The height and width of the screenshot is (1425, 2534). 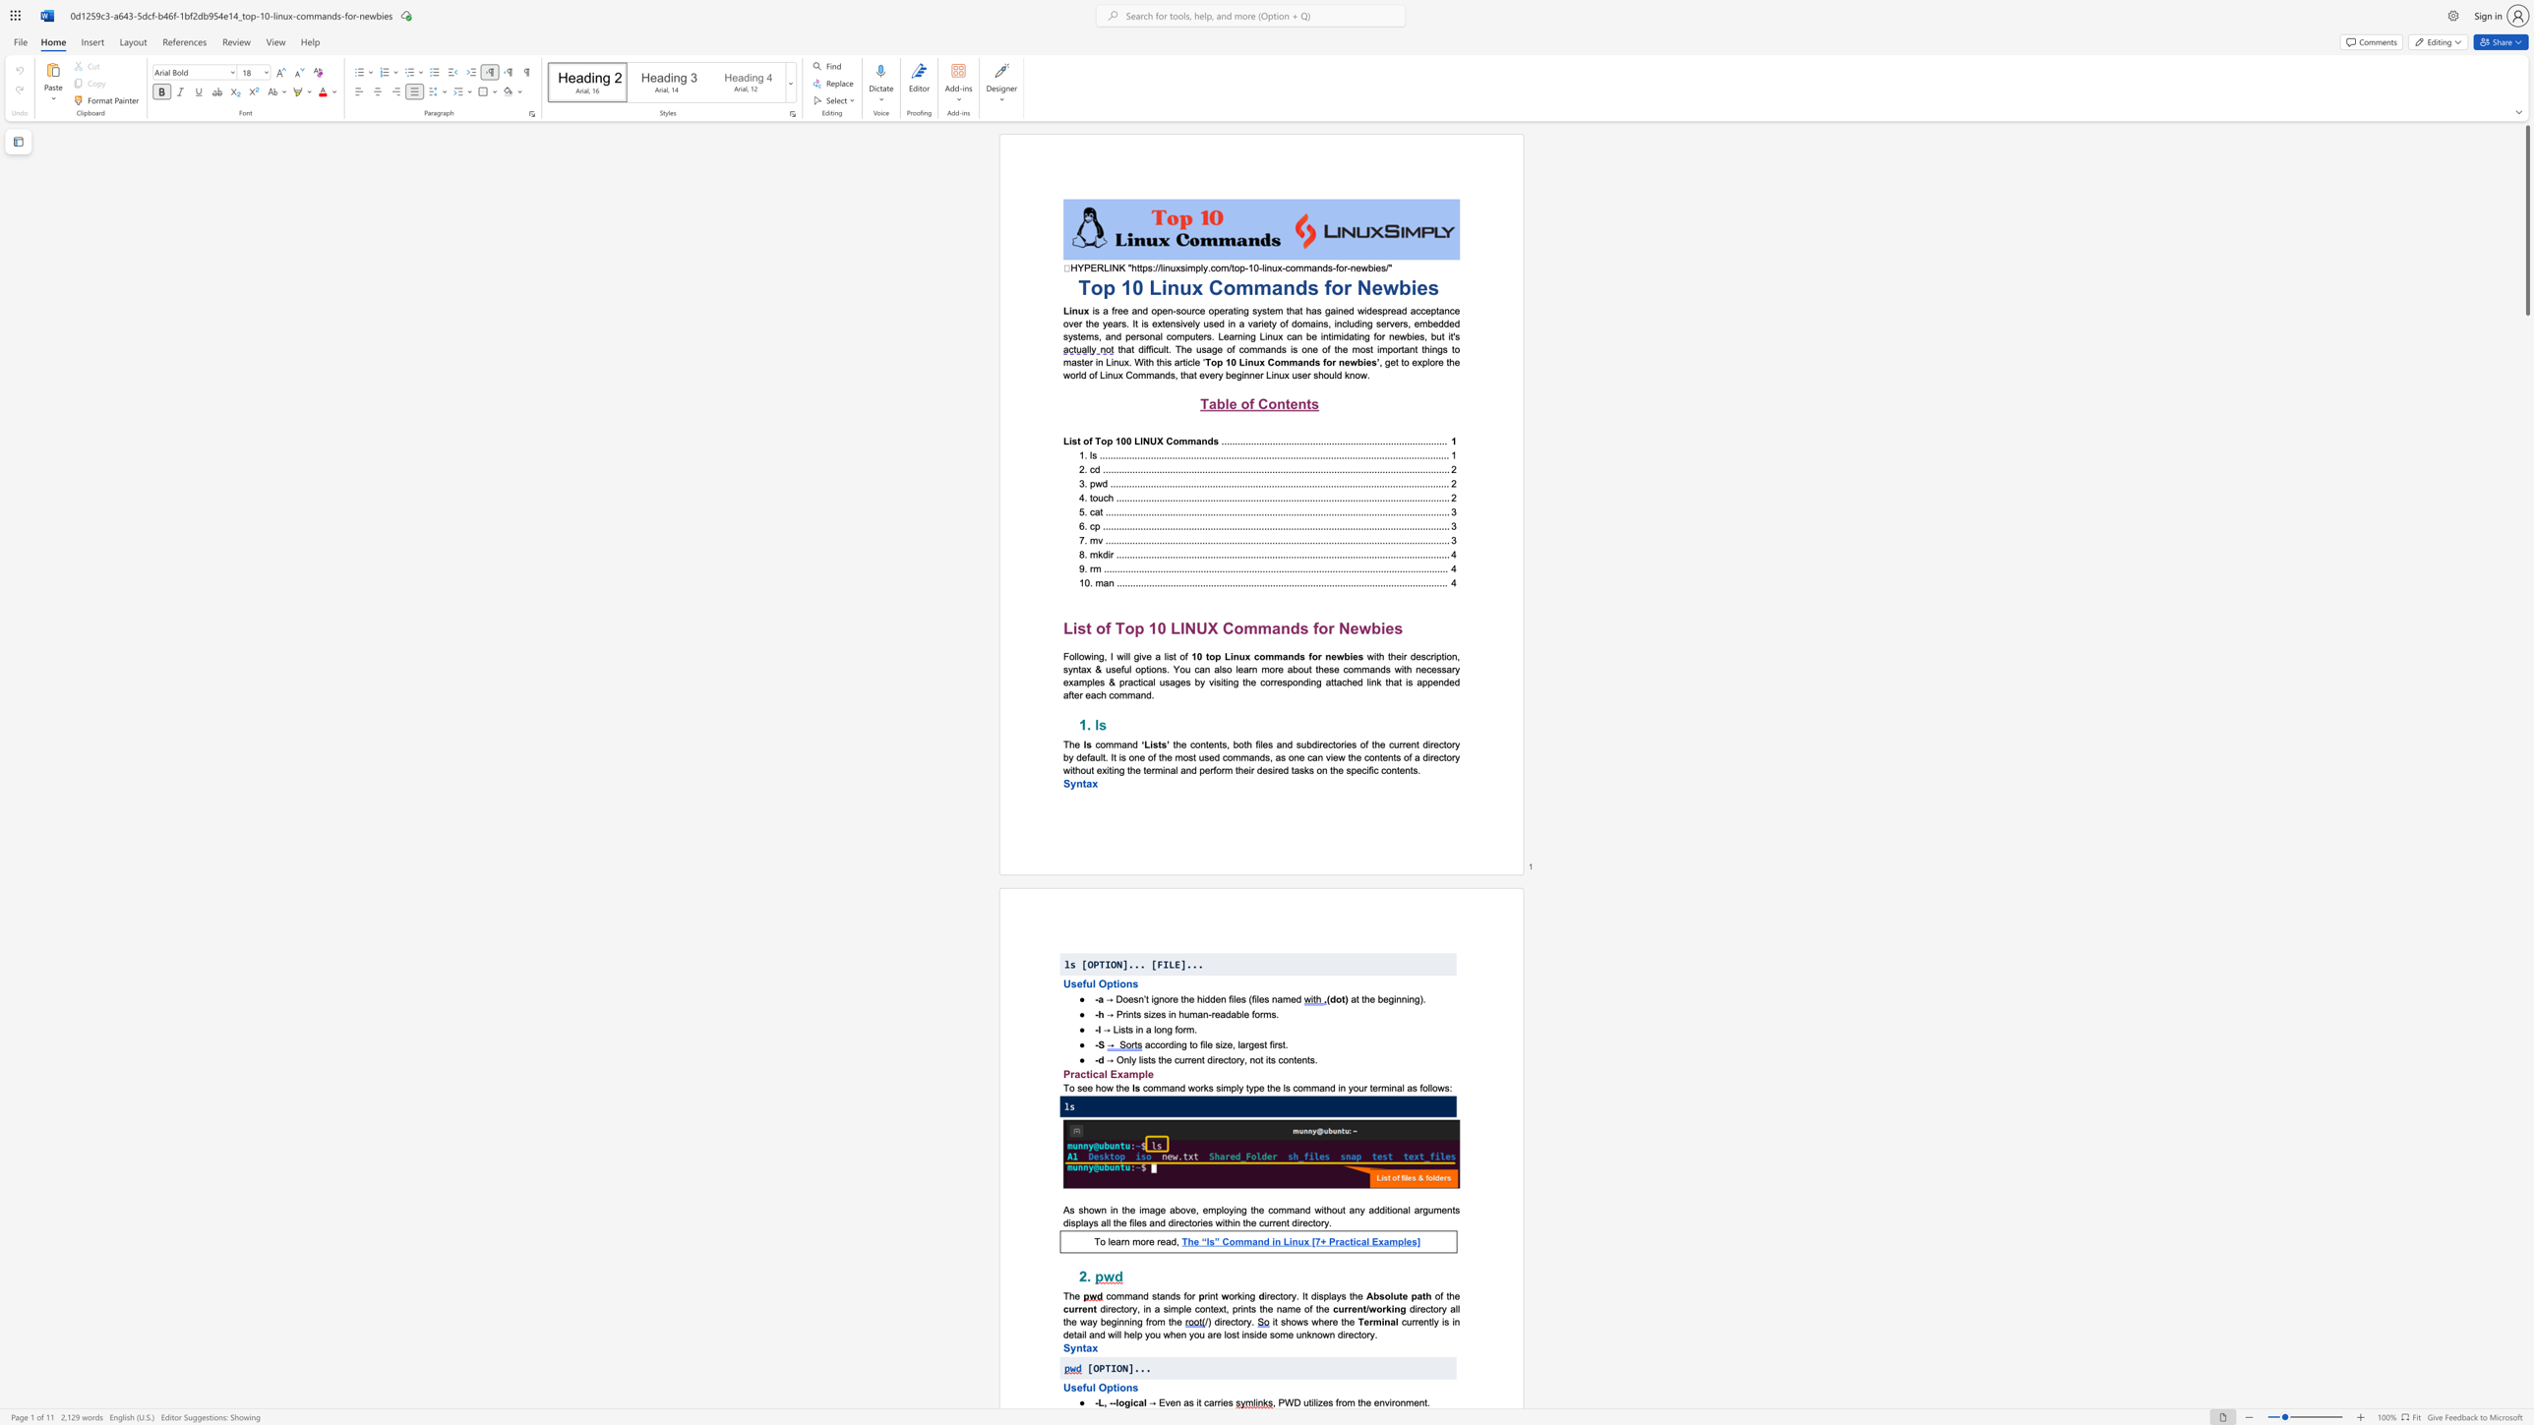 I want to click on the 1th character "c" in the text, so click(x=1117, y=1308).